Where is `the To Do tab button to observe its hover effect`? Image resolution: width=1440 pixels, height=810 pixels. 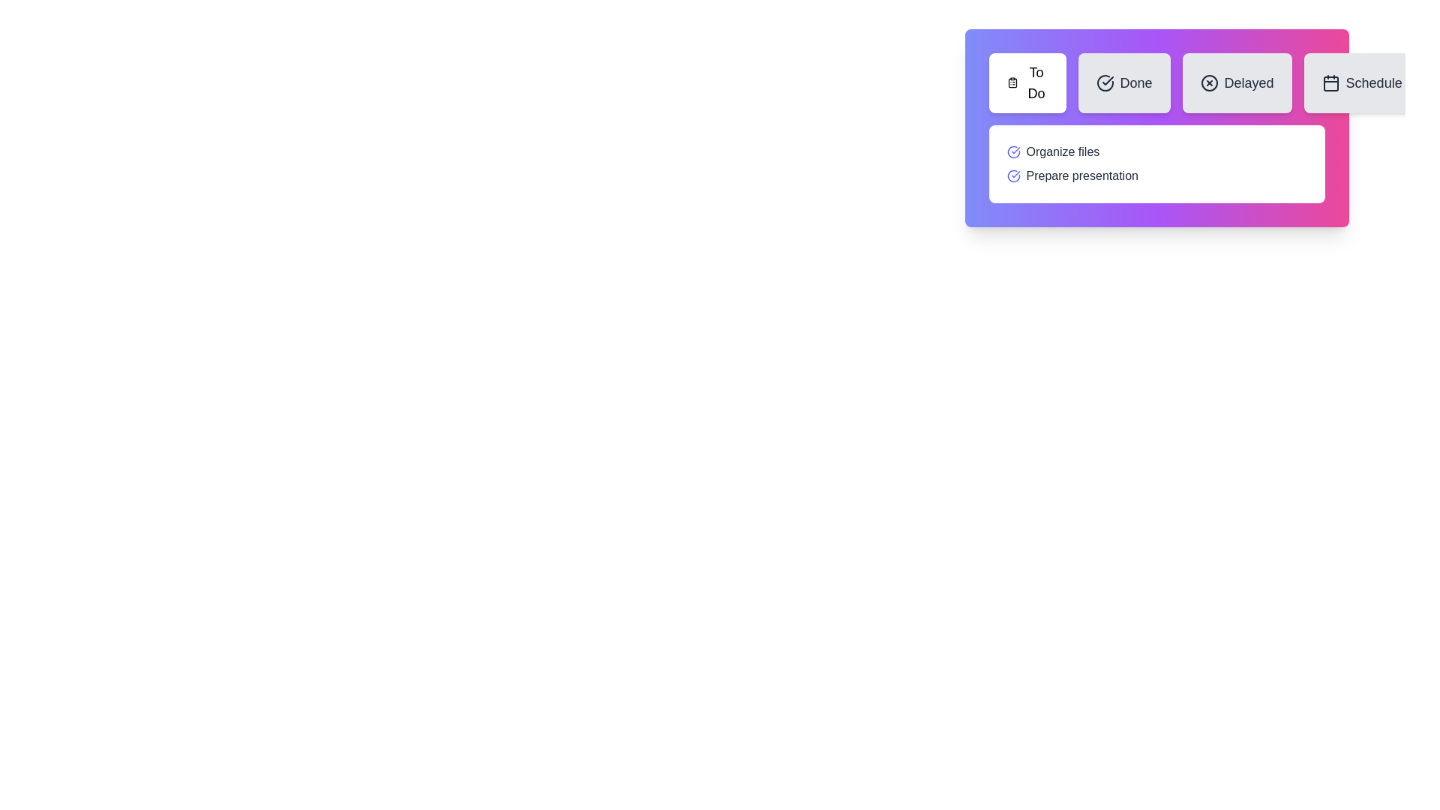
the To Do tab button to observe its hover effect is located at coordinates (1026, 83).